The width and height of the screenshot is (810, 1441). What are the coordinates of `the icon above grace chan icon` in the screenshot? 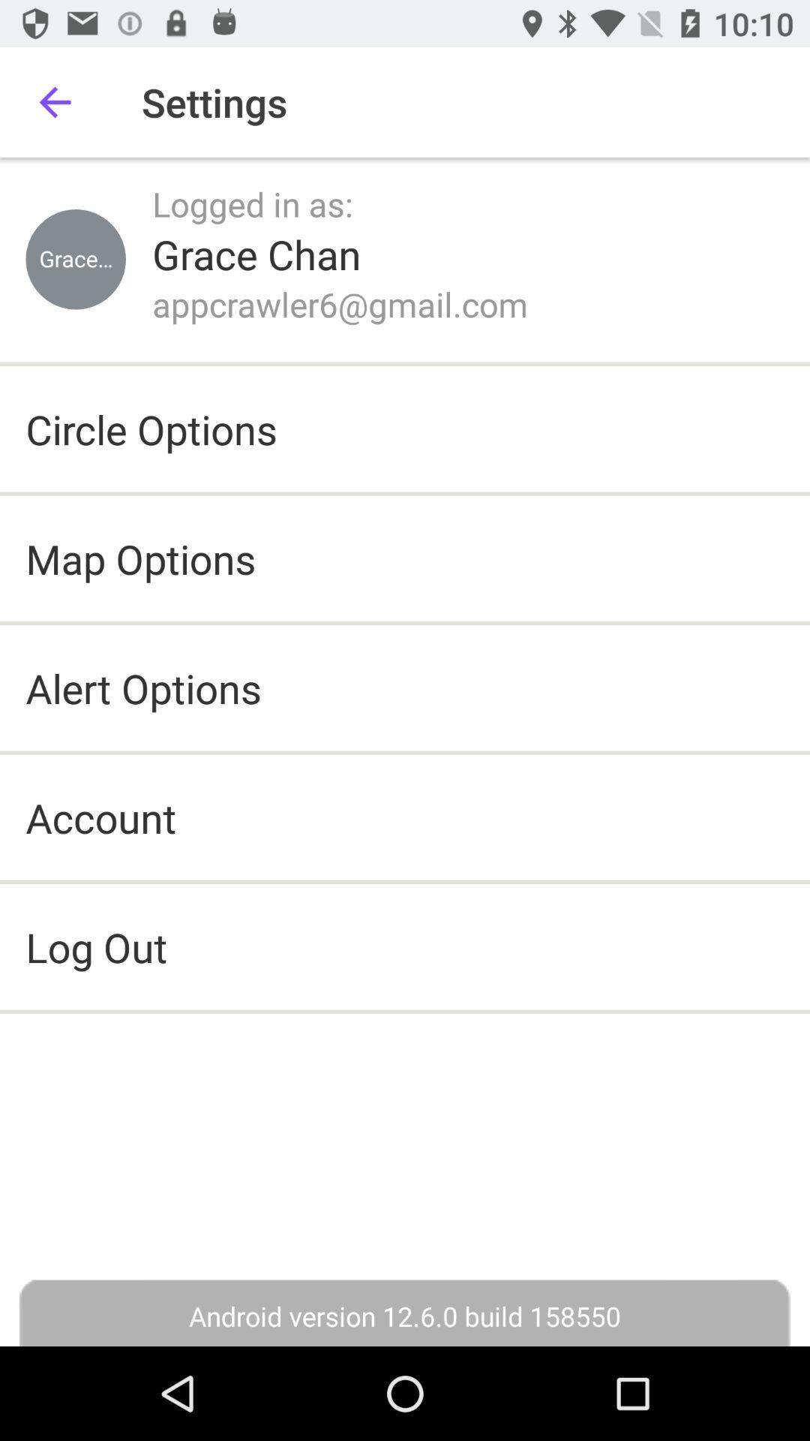 It's located at (252, 203).